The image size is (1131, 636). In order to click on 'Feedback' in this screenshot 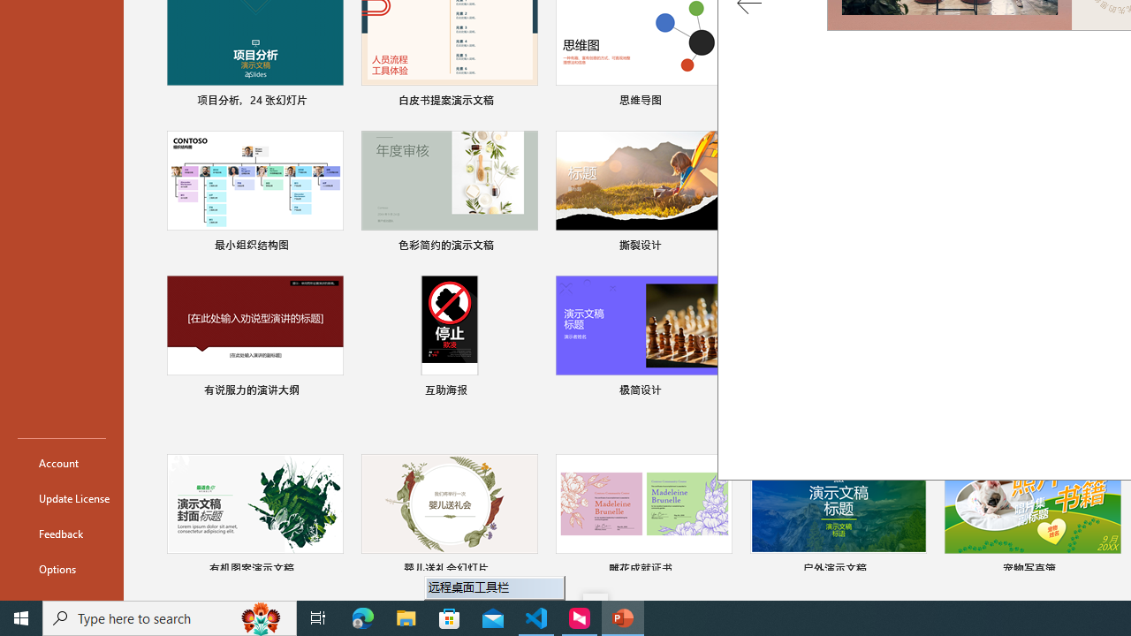, I will do `click(61, 533)`.